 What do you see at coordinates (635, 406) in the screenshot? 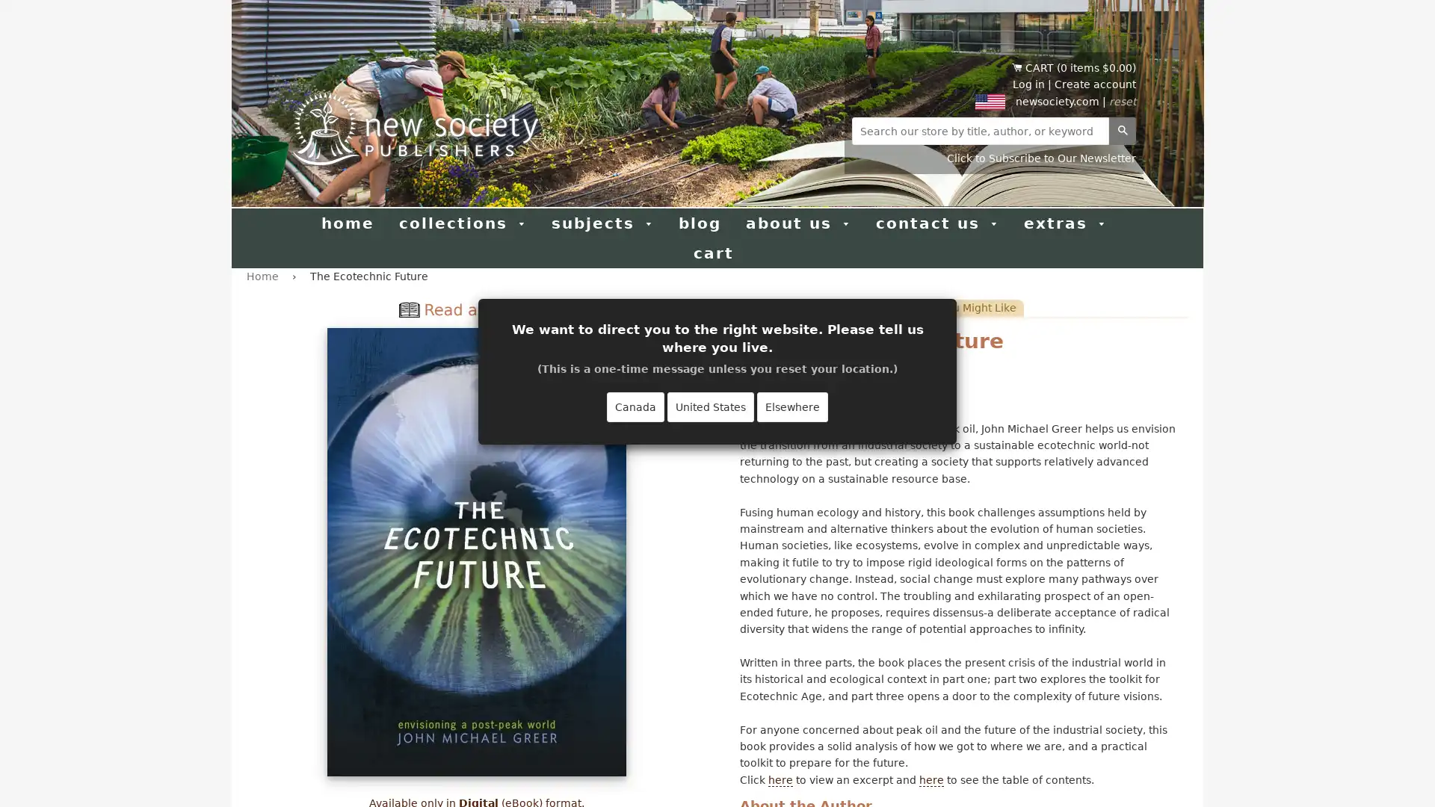
I see `Canada` at bounding box center [635, 406].